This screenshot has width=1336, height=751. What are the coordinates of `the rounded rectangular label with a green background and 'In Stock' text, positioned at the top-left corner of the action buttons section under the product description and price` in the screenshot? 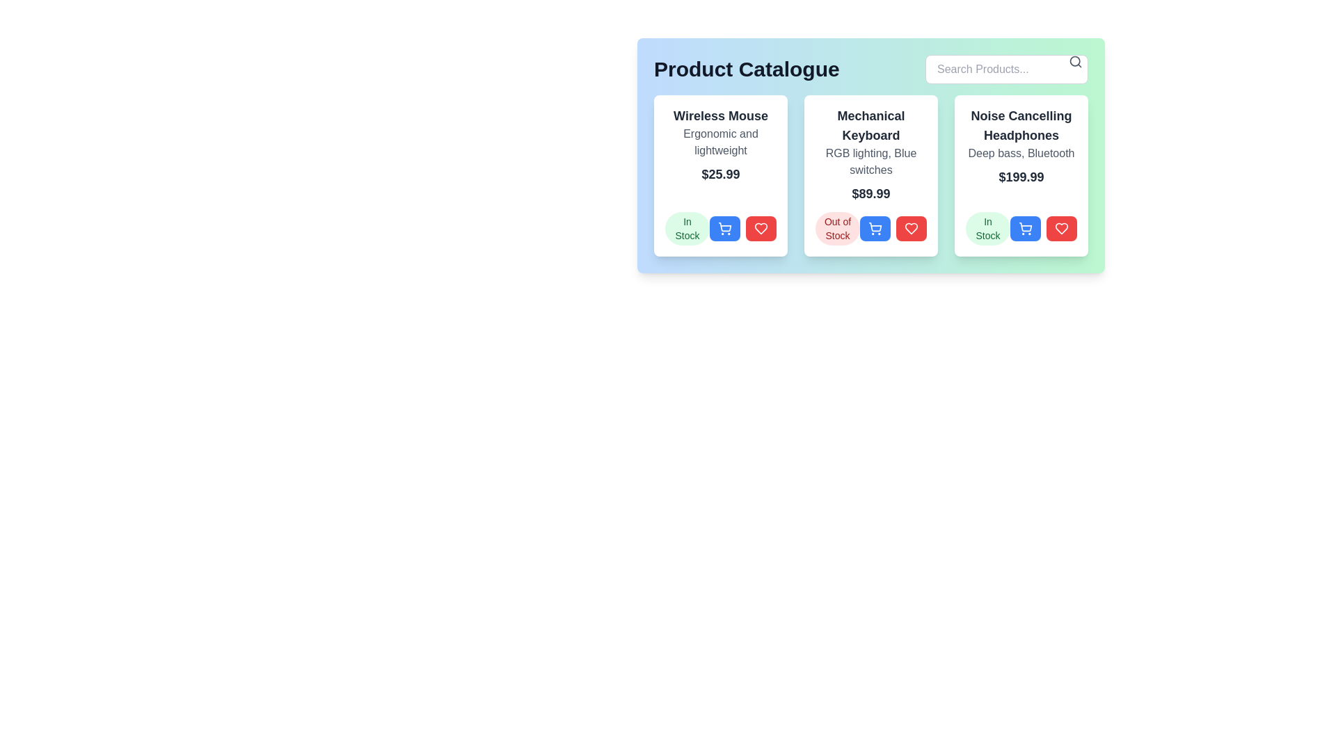 It's located at (687, 227).